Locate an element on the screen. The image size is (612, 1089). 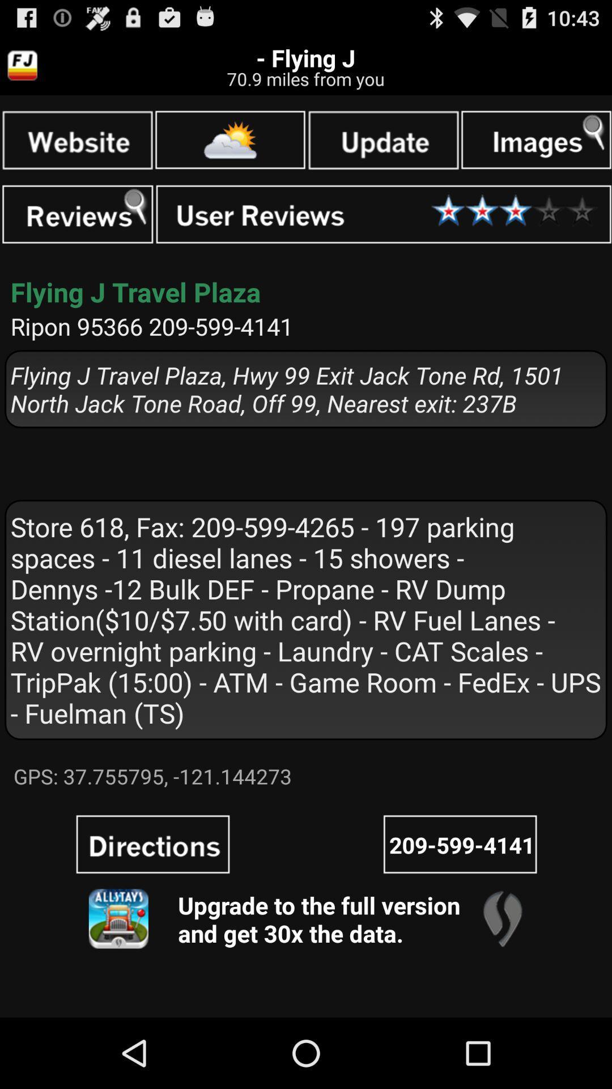
user review rated three out of five stars is located at coordinates (383, 214).